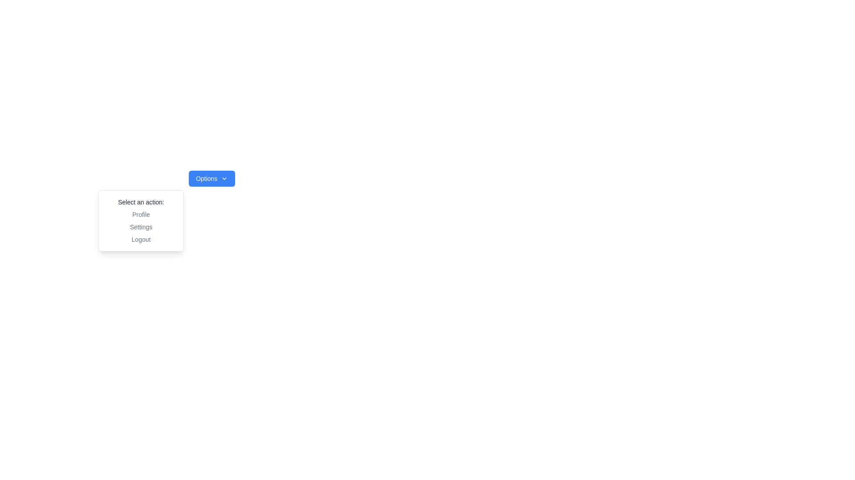  What do you see at coordinates (140, 226) in the screenshot?
I see `the 'Settings' interactive text` at bounding box center [140, 226].